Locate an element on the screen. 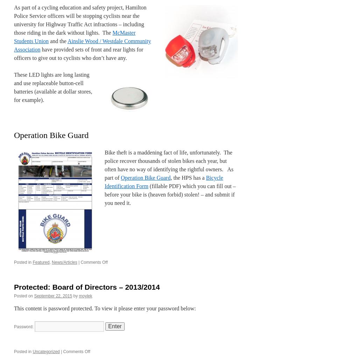 This screenshot has height=358, width=343. ',' is located at coordinates (49, 262).